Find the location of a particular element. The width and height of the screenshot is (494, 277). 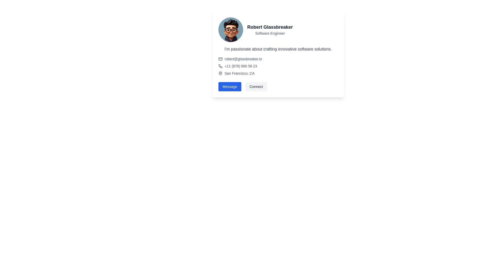

the phone contact icon, which is the leftmost element in the layout adjacent to the phone number '+11 (876) 890 56 23' is located at coordinates (220, 66).